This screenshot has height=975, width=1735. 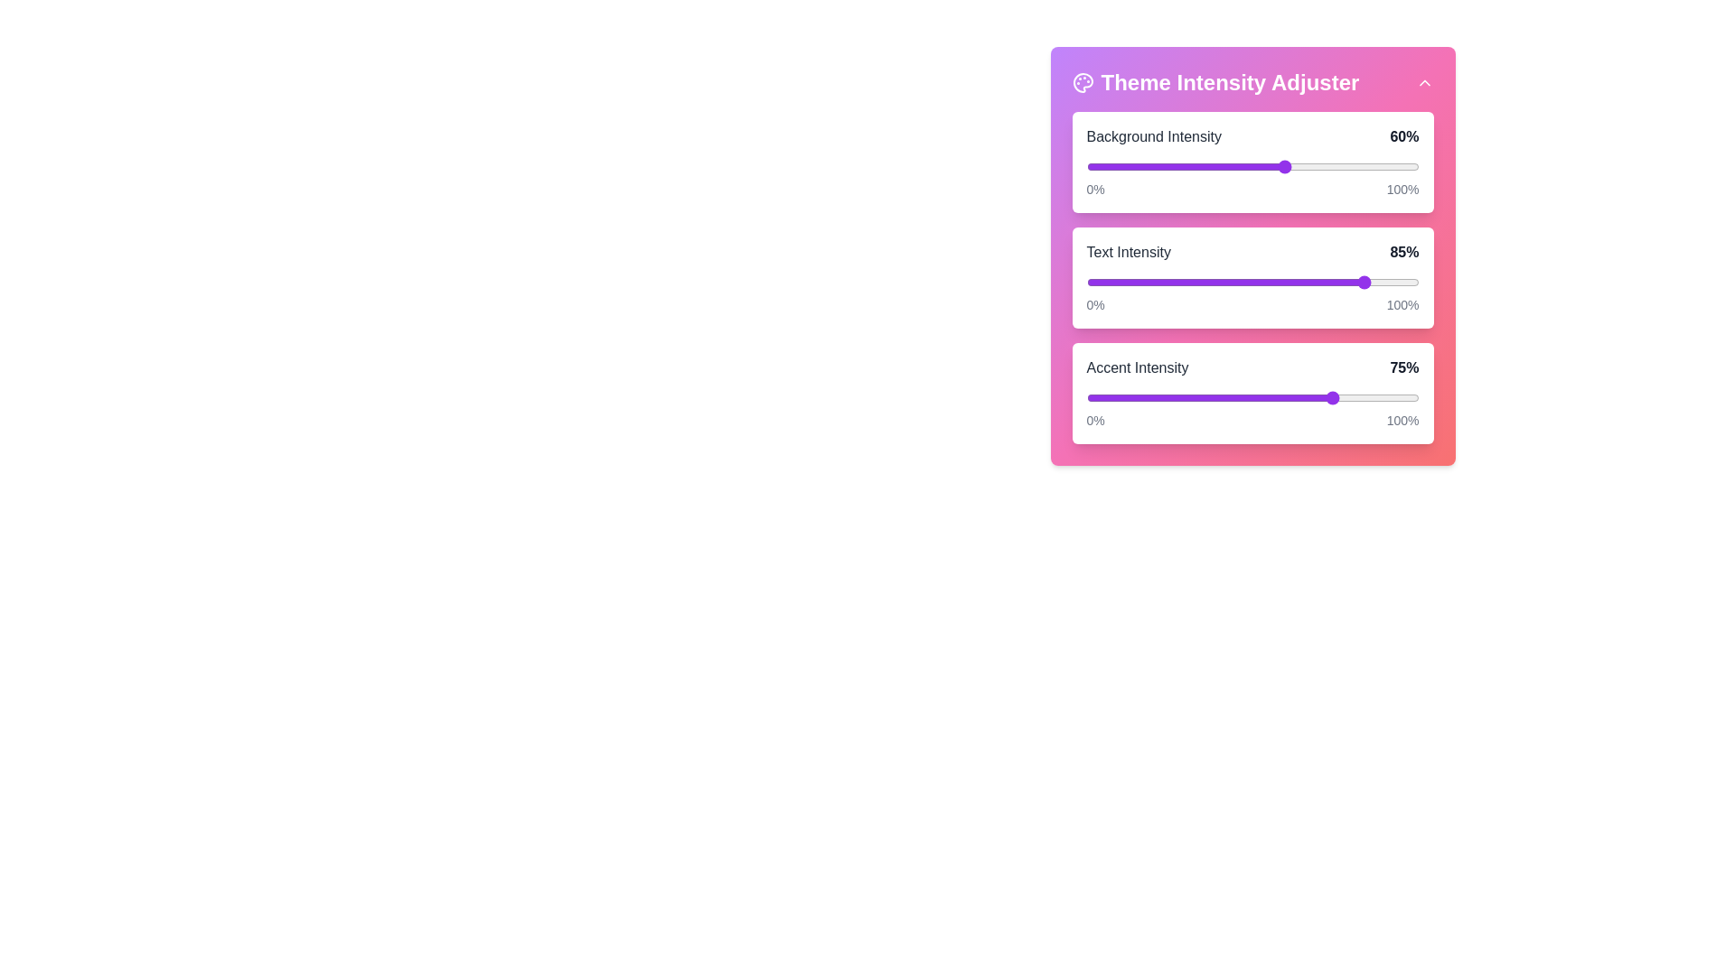 I want to click on static textual labels indicating the minimum ('0%') and maximum ('100%') values of the 'Background Intensity' slider in the 'Theme Intensity Adjuster' section, located beneath the slider, so click(x=1252, y=189).